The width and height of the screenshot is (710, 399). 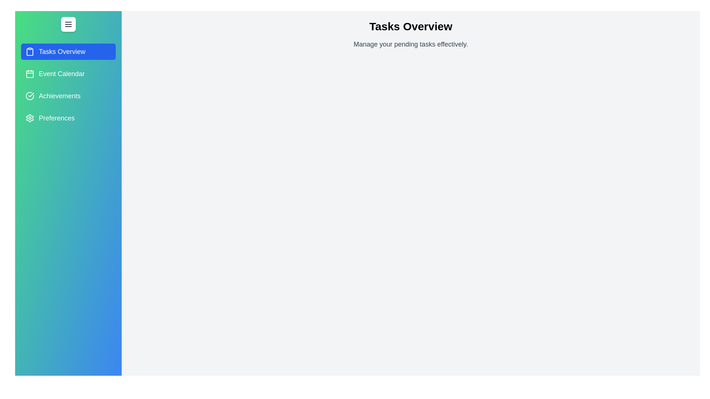 I want to click on the tab named Achievements from the drawer menu, so click(x=68, y=95).